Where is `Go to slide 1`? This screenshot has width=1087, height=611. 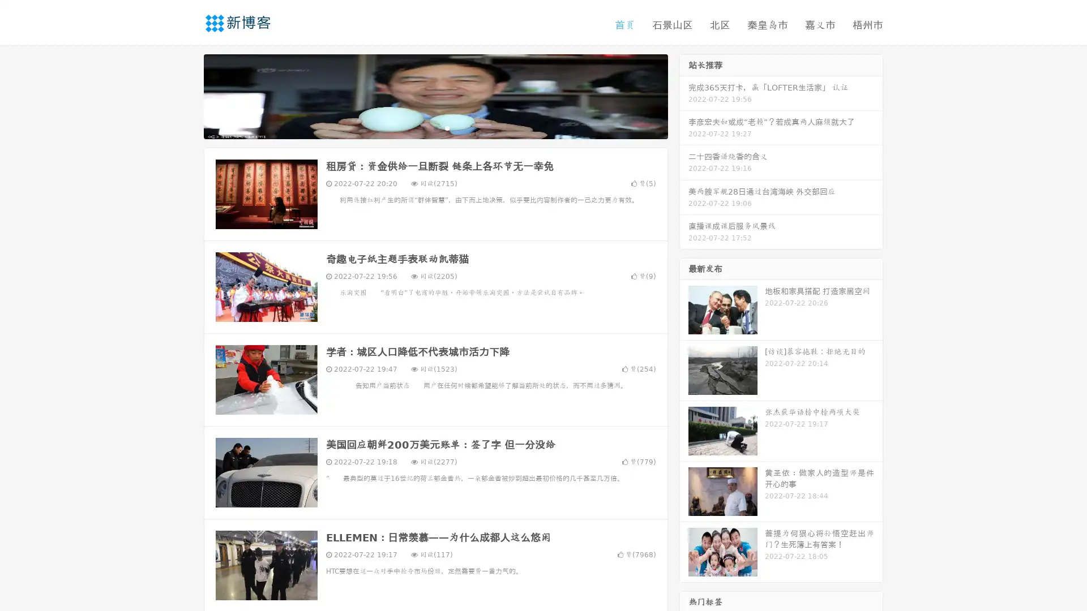
Go to slide 1 is located at coordinates (423, 127).